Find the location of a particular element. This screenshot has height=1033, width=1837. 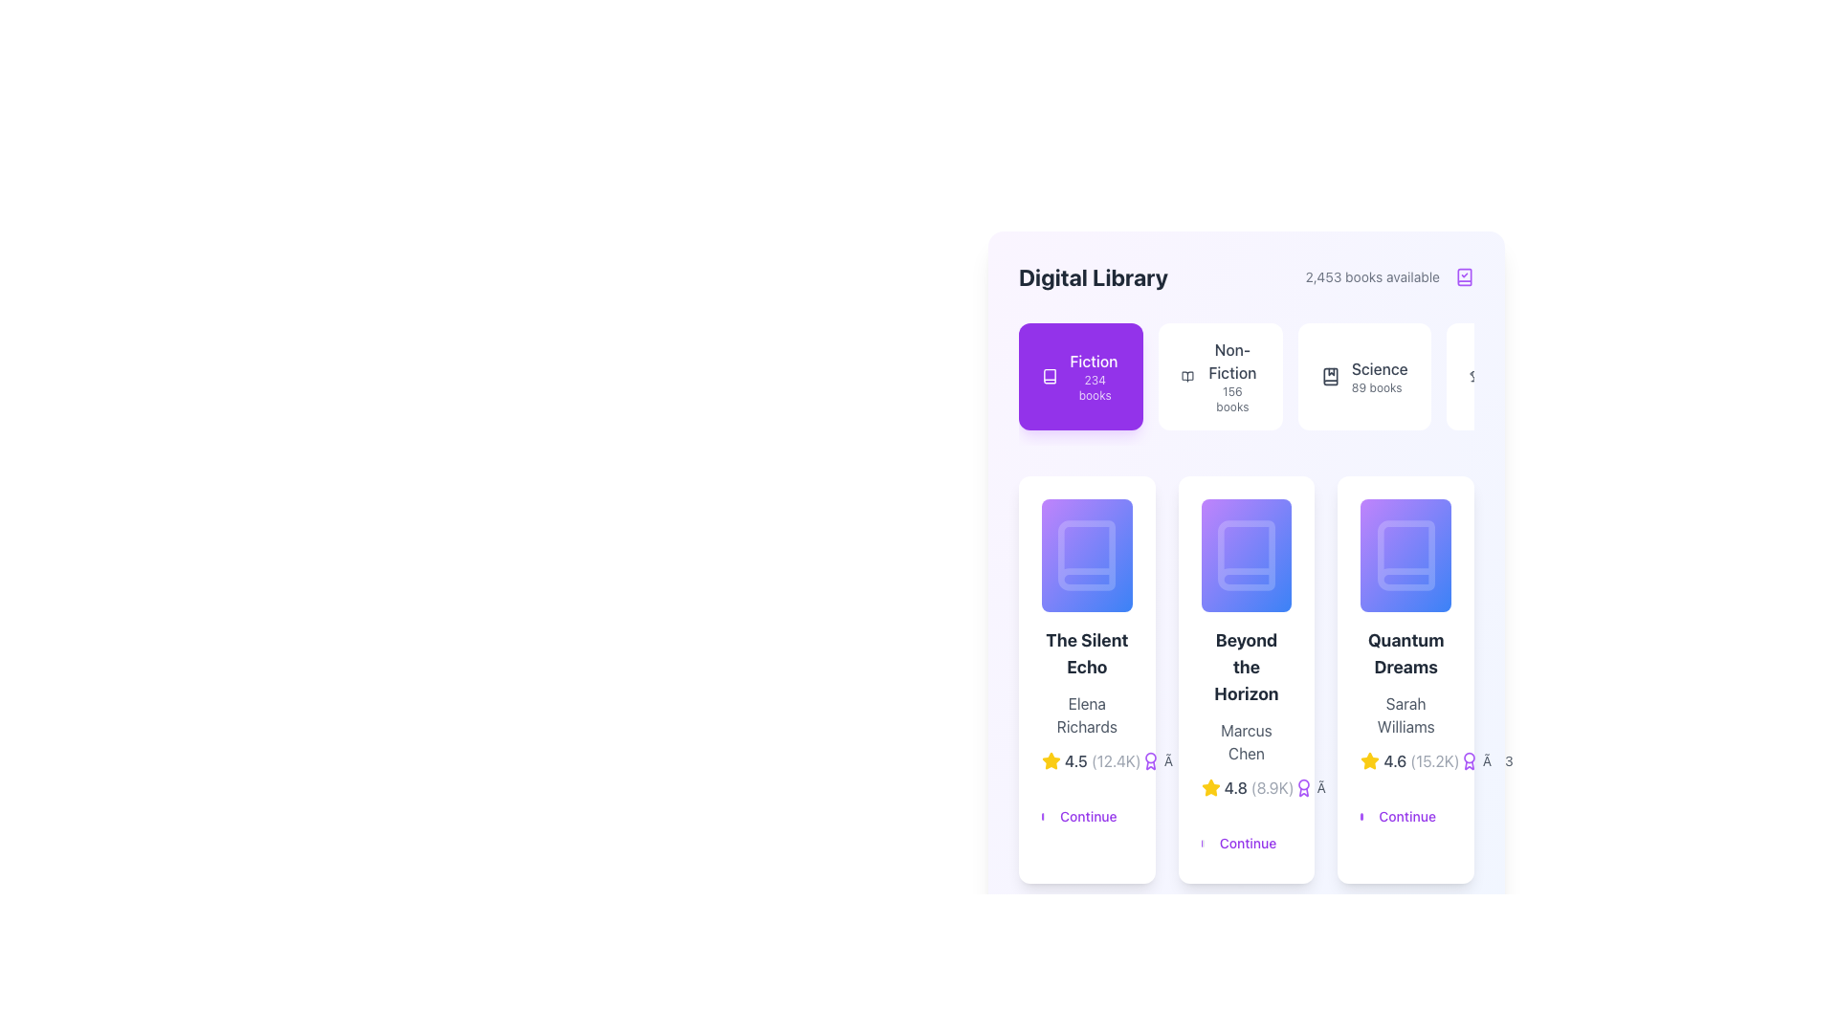

title text label that identifies the book within the card interface located at the top of the 'Fiction' category in the 'Digital Library' section is located at coordinates (1087, 653).